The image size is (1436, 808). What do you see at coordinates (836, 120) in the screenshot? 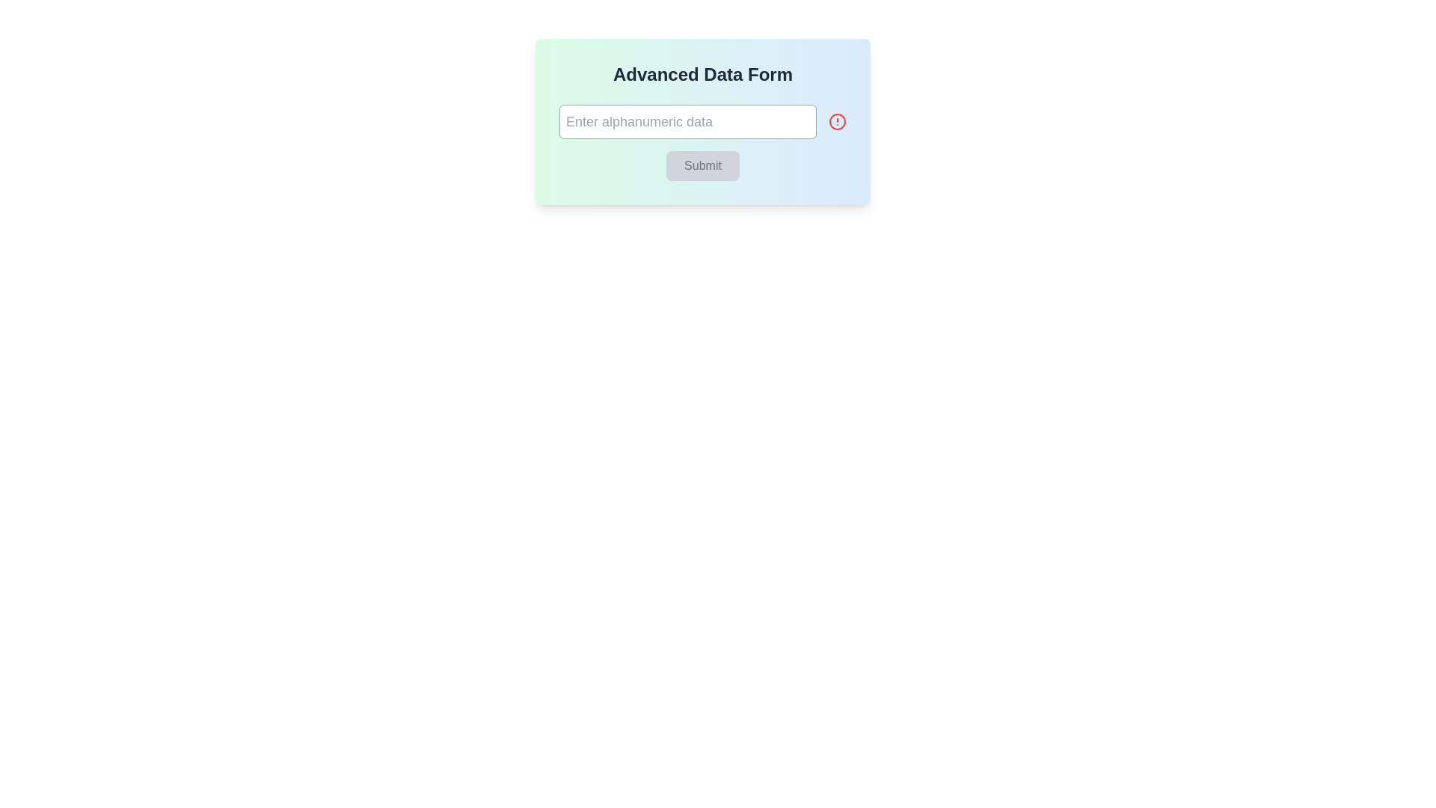
I see `the red circular icon with an exclamation point symbol, located to the right of the input box labeled 'Enter alphanumeric data' within the 'Advanced Data Form' card` at bounding box center [836, 120].